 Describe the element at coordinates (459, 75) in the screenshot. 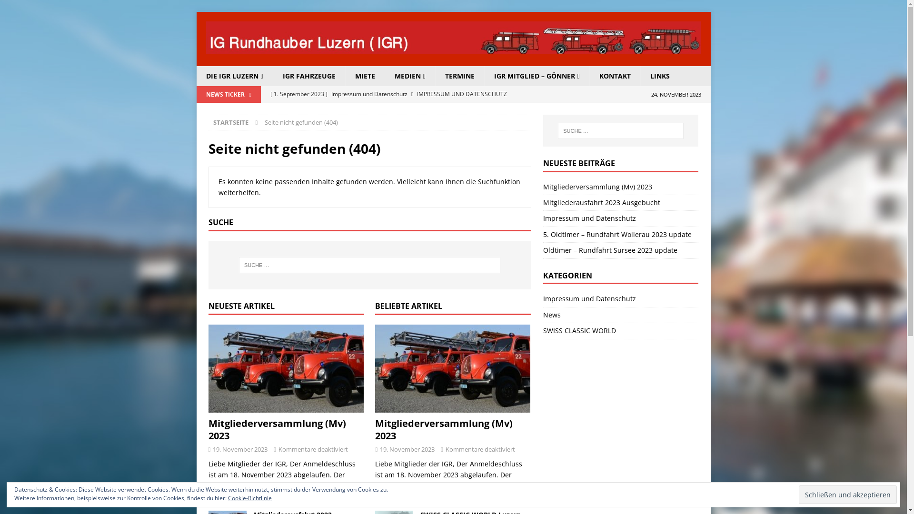

I see `'TERMINE'` at that location.